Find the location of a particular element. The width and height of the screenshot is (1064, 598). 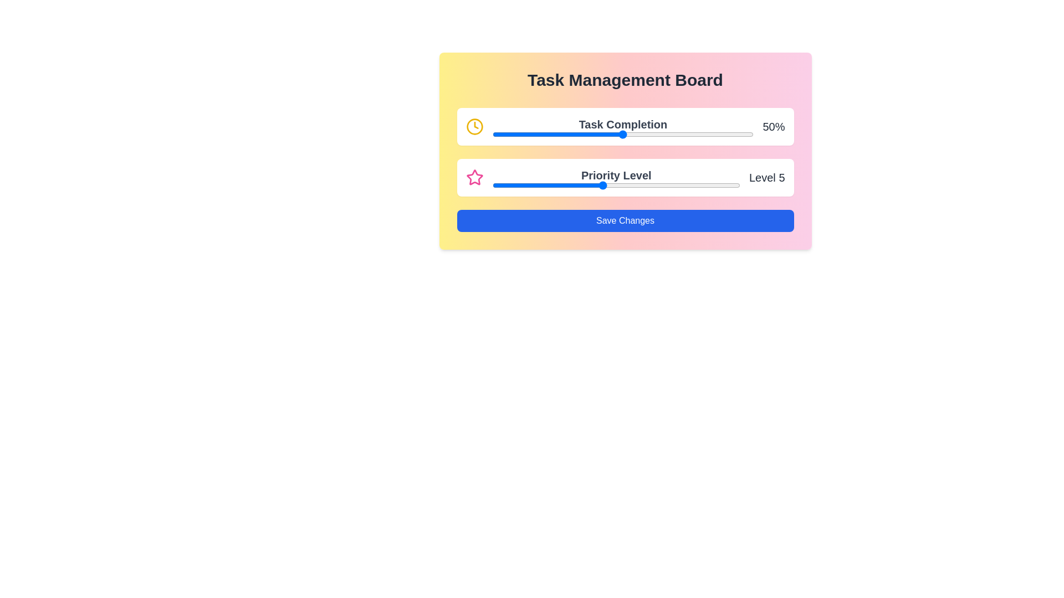

the text label that displays the current priority level, which shows 'Level 5' and is positioned to the far-right of the Priority Level section is located at coordinates (766, 177).